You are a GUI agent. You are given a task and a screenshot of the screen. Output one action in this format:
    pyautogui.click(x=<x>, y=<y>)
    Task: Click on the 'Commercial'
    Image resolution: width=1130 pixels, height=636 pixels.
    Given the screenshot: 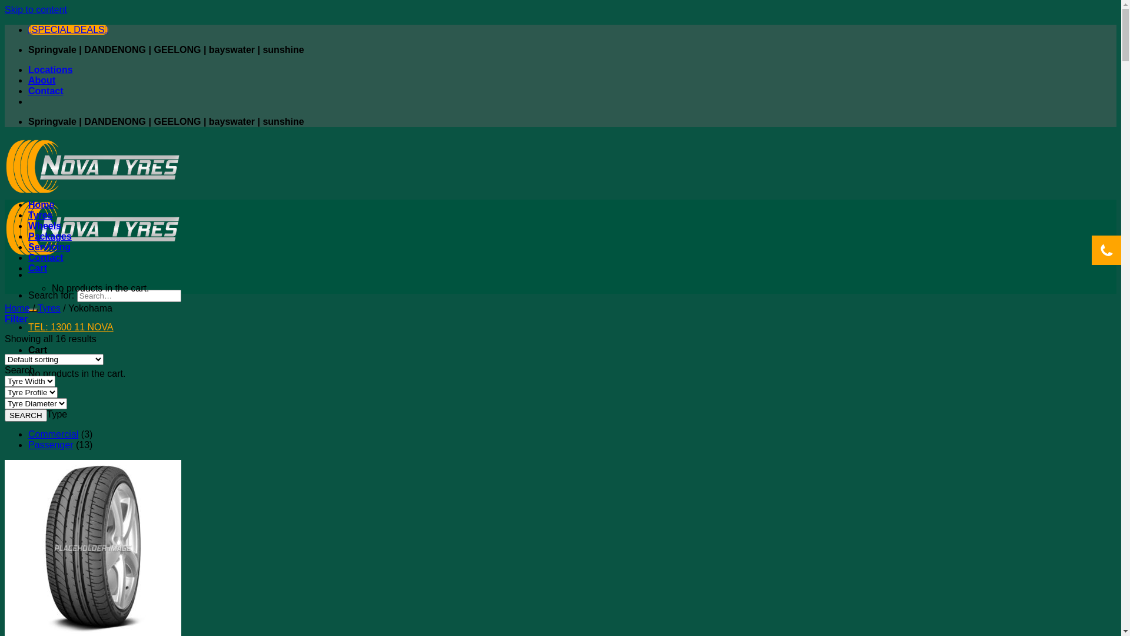 What is the action you would take?
    pyautogui.click(x=52, y=434)
    